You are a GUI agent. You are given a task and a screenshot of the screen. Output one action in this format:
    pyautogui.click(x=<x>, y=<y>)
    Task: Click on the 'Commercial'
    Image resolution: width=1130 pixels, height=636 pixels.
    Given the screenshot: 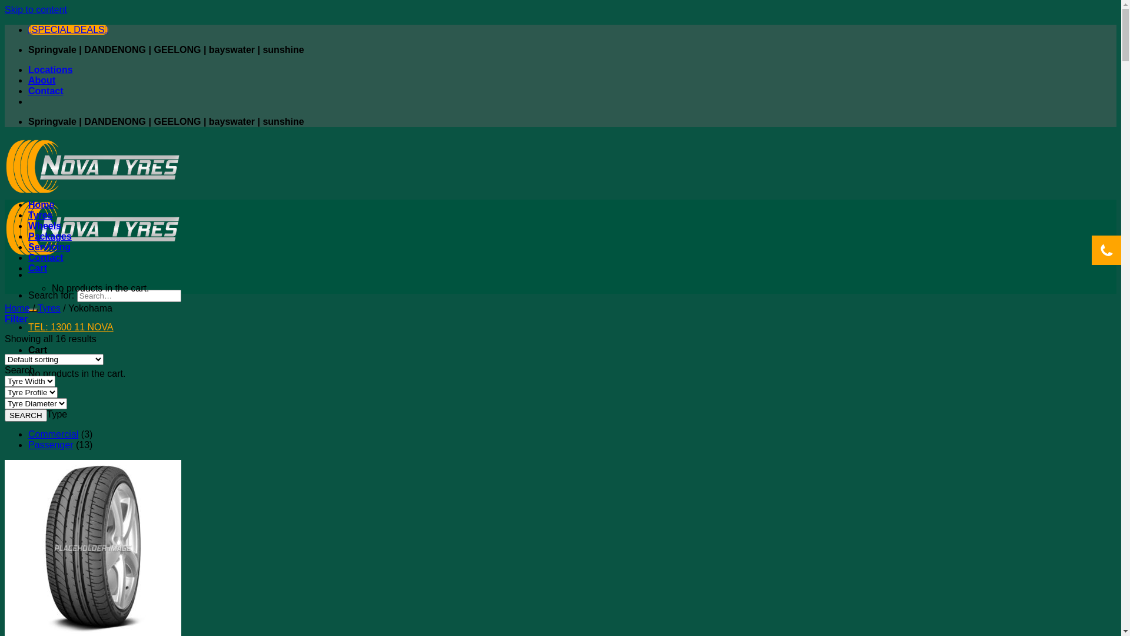 What is the action you would take?
    pyautogui.click(x=52, y=434)
    